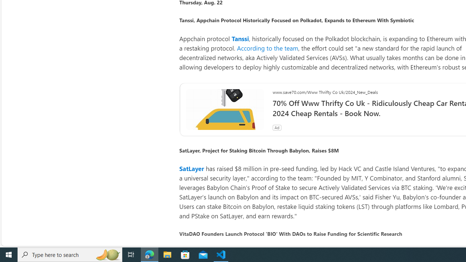  Describe the element at coordinates (267, 48) in the screenshot. I see `'According to the team'` at that location.